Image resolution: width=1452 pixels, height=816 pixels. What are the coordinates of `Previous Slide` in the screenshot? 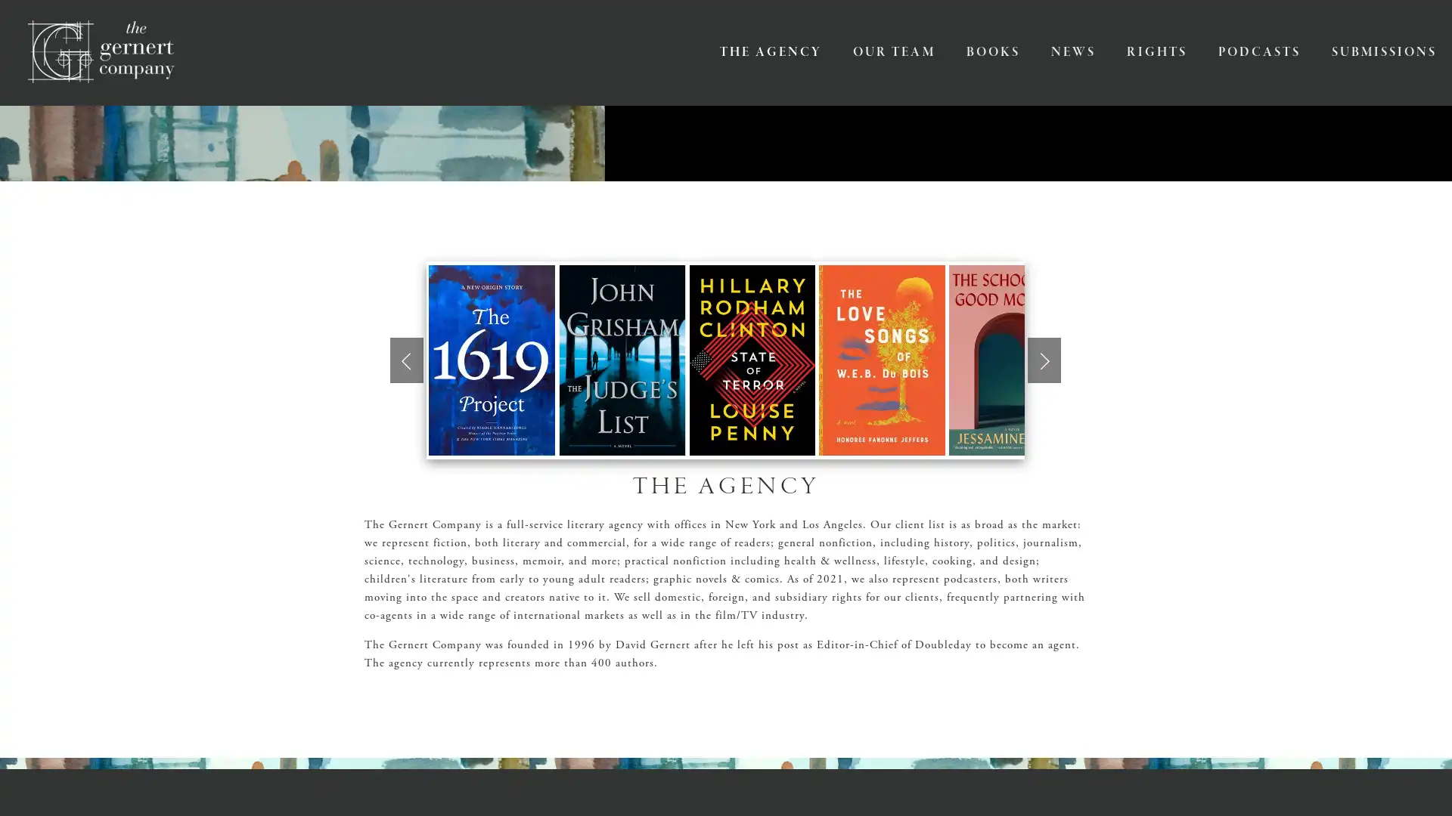 It's located at (406, 359).